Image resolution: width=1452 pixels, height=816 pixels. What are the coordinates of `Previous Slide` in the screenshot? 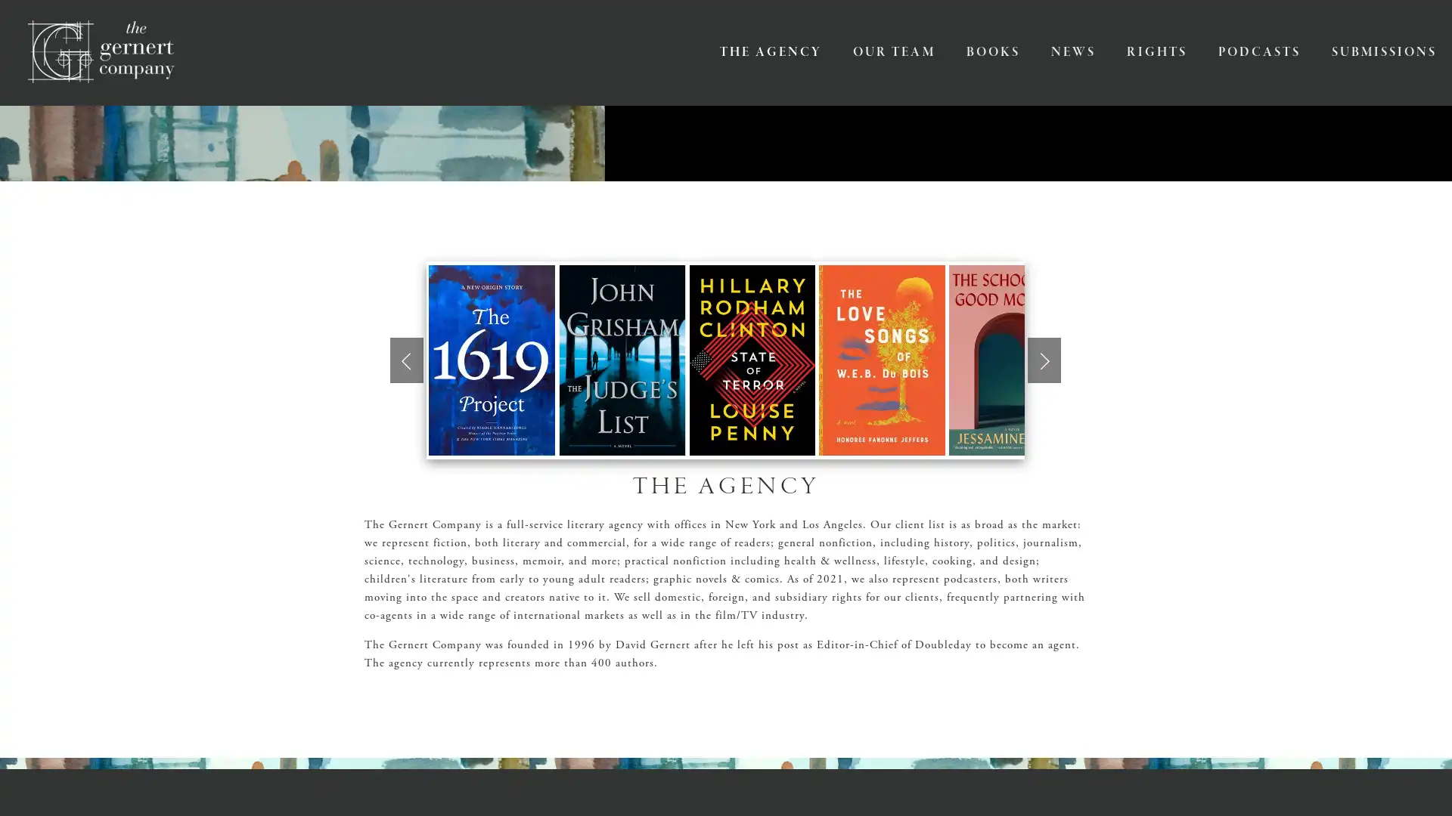 It's located at (406, 359).